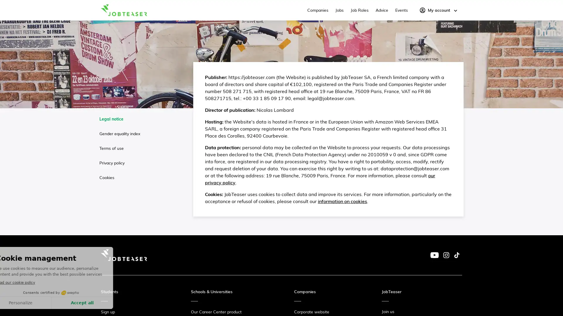 This screenshot has width=563, height=316. What do you see at coordinates (98, 303) in the screenshot?
I see `Accept all` at bounding box center [98, 303].